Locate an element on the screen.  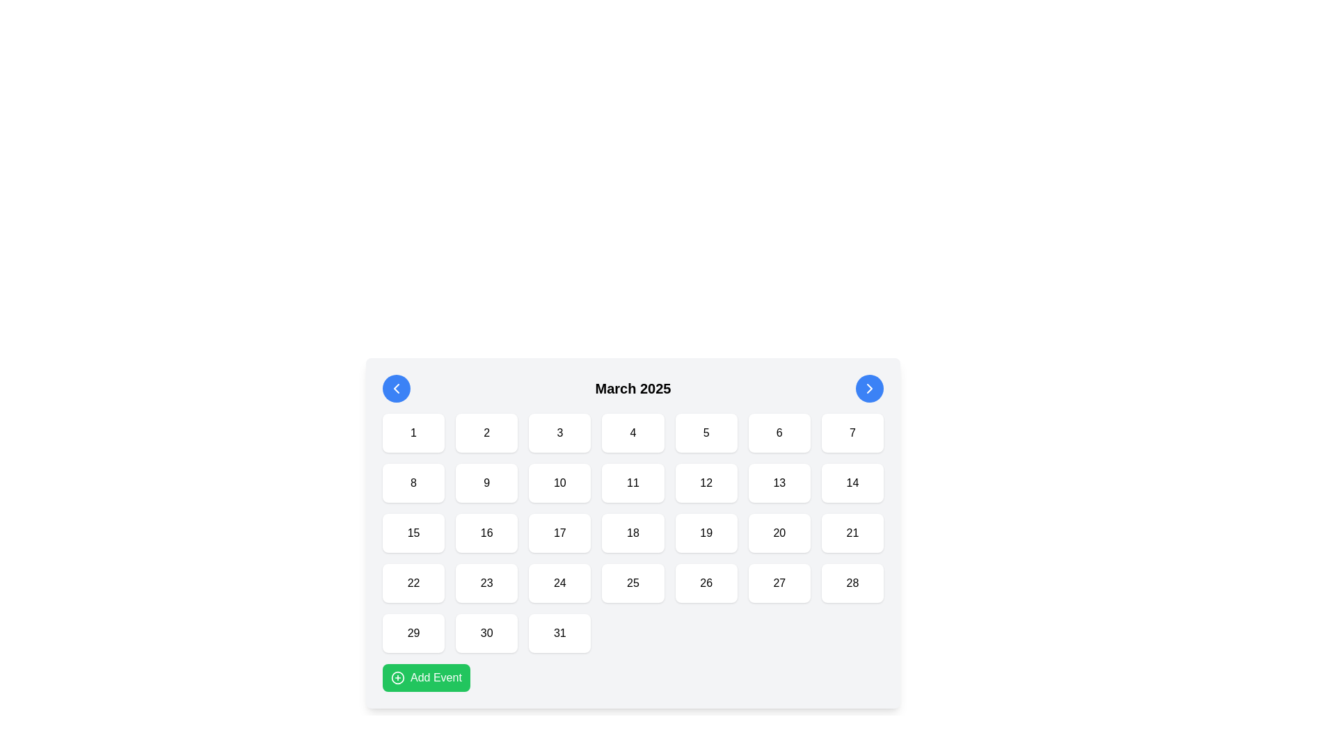
the button displaying the number '26' in black text, which is part of a calendar grid layout is located at coordinates (706, 583).